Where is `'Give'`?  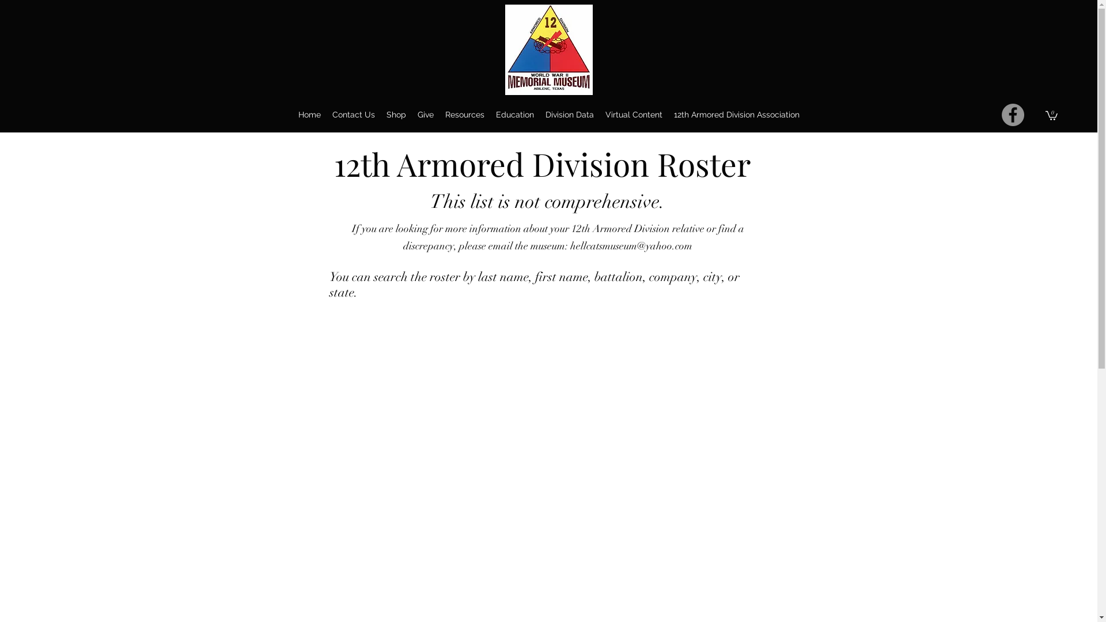
'Give' is located at coordinates (411, 115).